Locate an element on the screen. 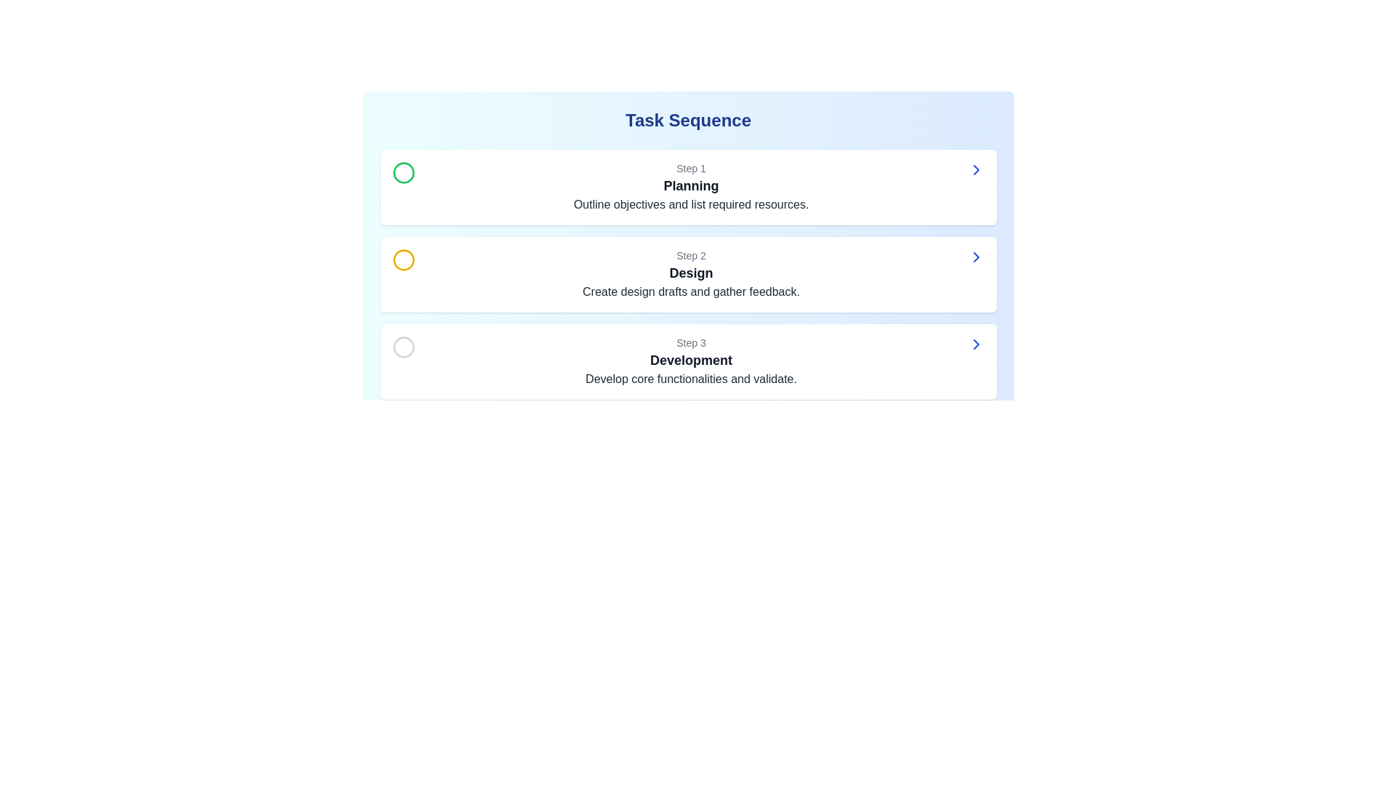 The width and height of the screenshot is (1395, 785). the 'Step 2' label, which is styled in a small gray font and located above the 'Design' heading is located at coordinates (690, 254).